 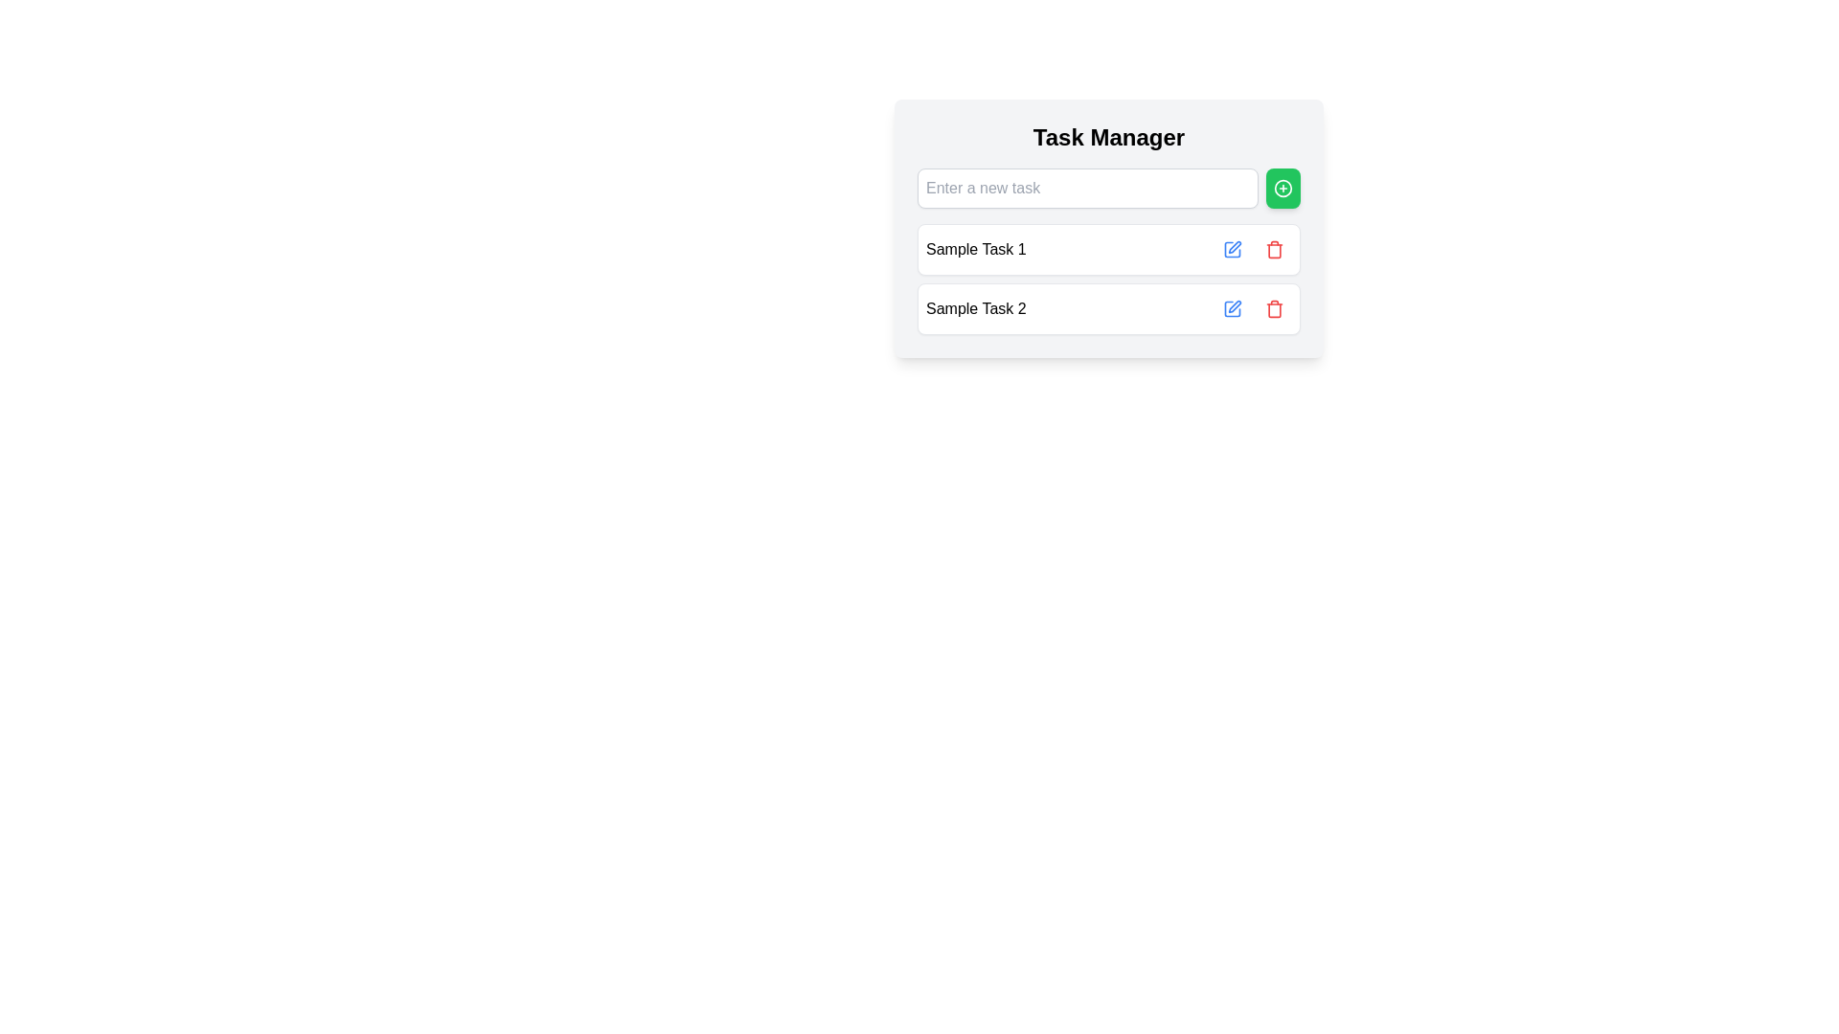 What do you see at coordinates (1274, 250) in the screenshot?
I see `the decorative vector shape that is the middle component of the trash icon in the second row of the task list` at bounding box center [1274, 250].